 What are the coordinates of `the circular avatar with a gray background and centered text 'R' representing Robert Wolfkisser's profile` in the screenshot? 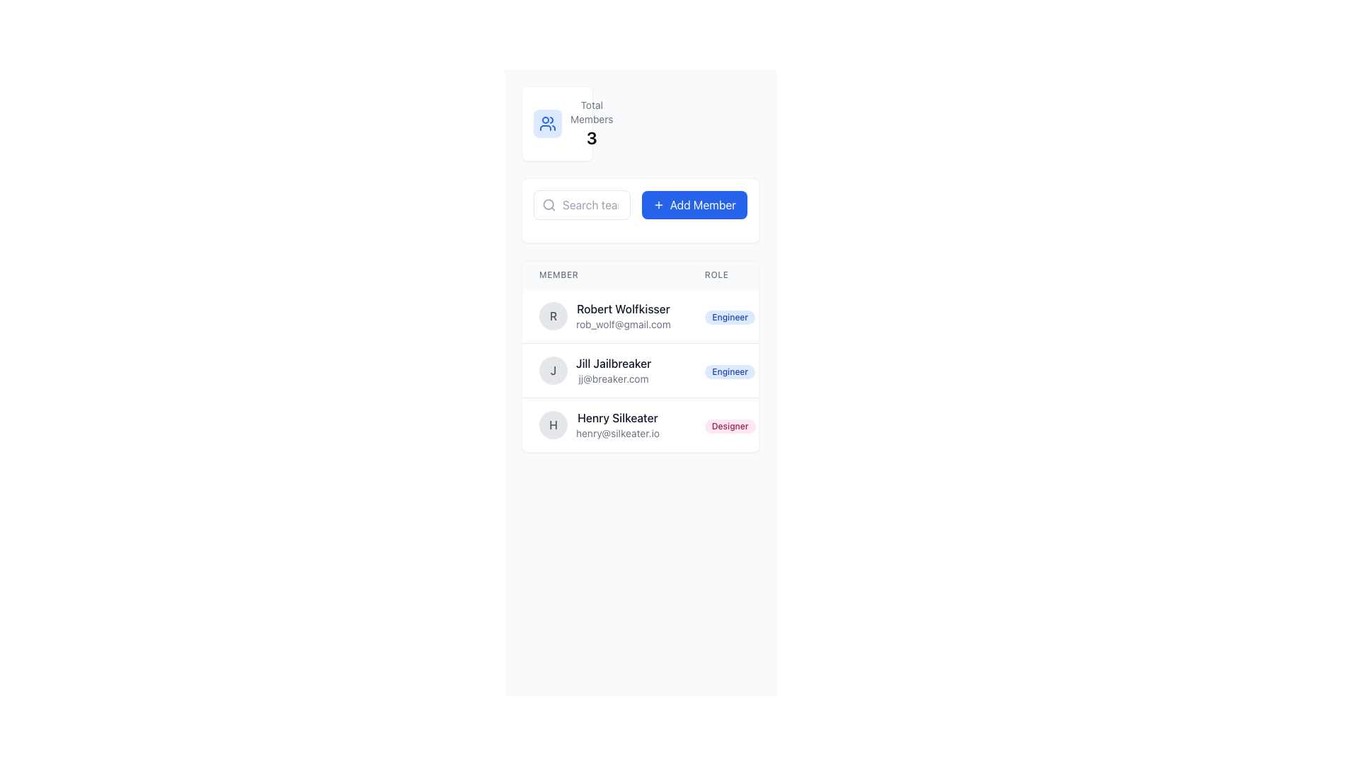 It's located at (553, 316).